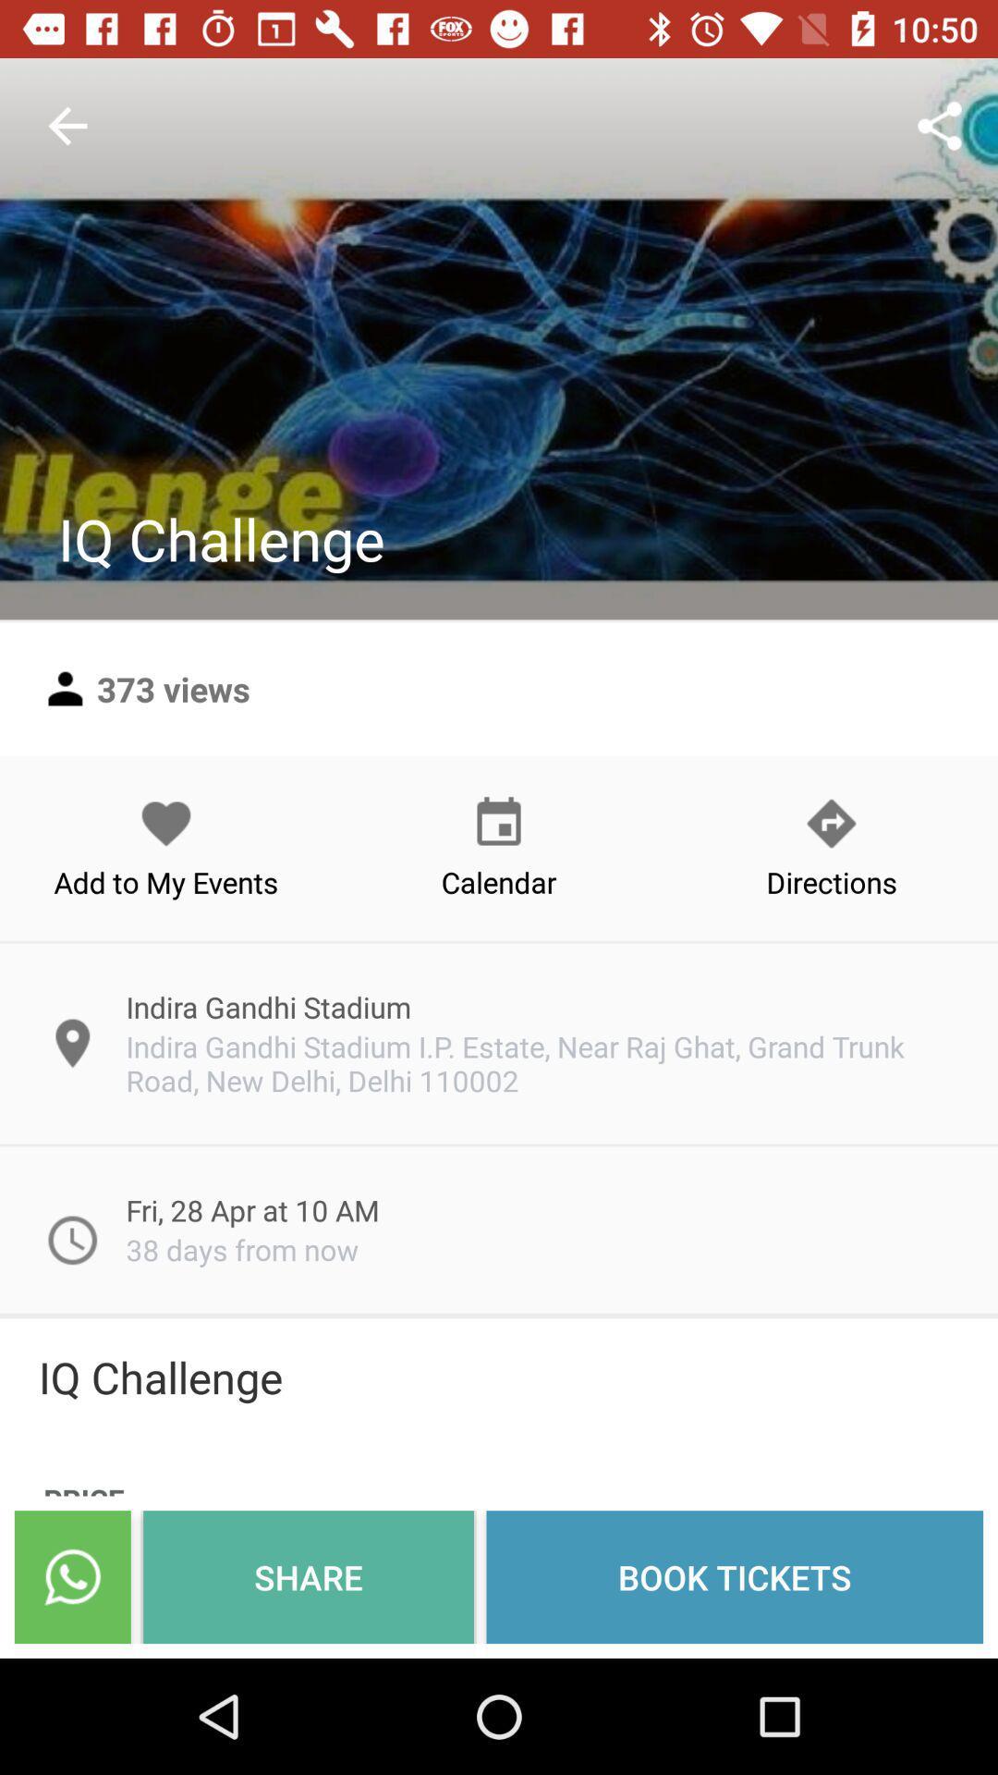 The image size is (998, 1775). Describe the element at coordinates (71, 1576) in the screenshot. I see `the call icon` at that location.